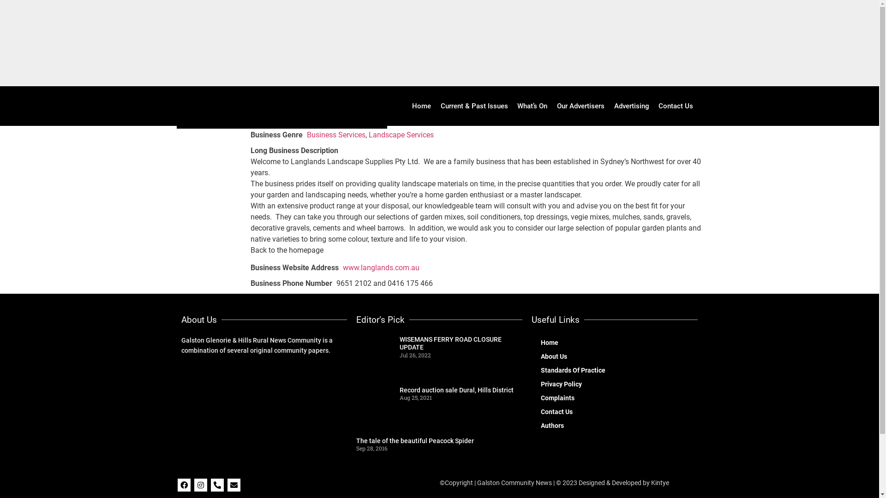 The width and height of the screenshot is (886, 498). Describe the element at coordinates (450, 343) in the screenshot. I see `'WISEMANS FERRY ROAD CLOSURE UPDATE'` at that location.